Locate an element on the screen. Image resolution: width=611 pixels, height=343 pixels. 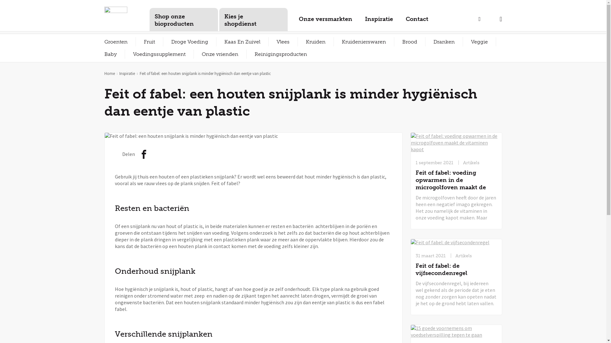
'Veggie' is located at coordinates (479, 42).